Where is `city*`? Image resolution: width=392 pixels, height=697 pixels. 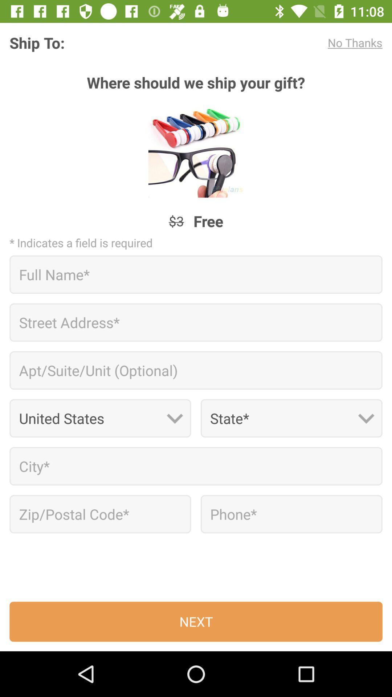
city* is located at coordinates (196, 466).